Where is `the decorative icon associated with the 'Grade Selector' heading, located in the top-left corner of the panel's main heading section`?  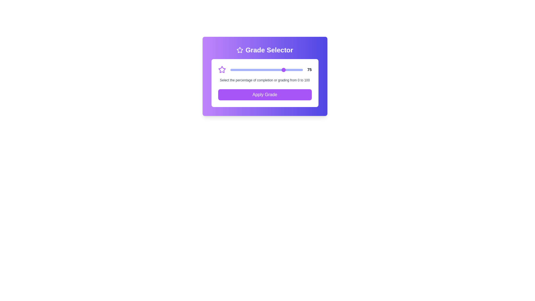 the decorative icon associated with the 'Grade Selector' heading, located in the top-left corner of the panel's main heading section is located at coordinates (240, 50).